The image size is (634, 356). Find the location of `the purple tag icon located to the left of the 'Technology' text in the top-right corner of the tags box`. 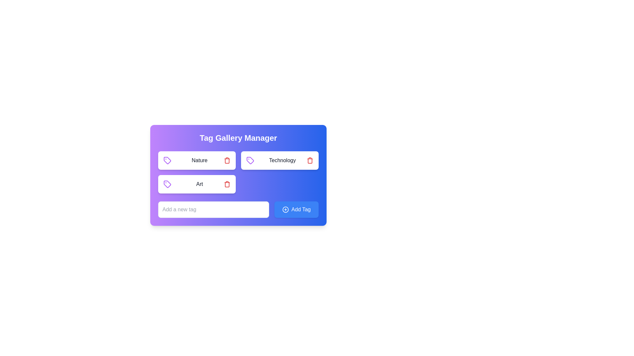

the purple tag icon located to the left of the 'Technology' text in the top-right corner of the tags box is located at coordinates (250, 160).